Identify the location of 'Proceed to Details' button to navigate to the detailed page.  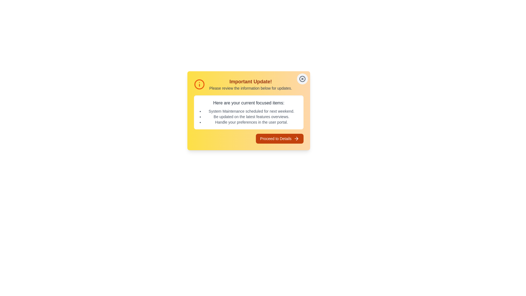
(279, 138).